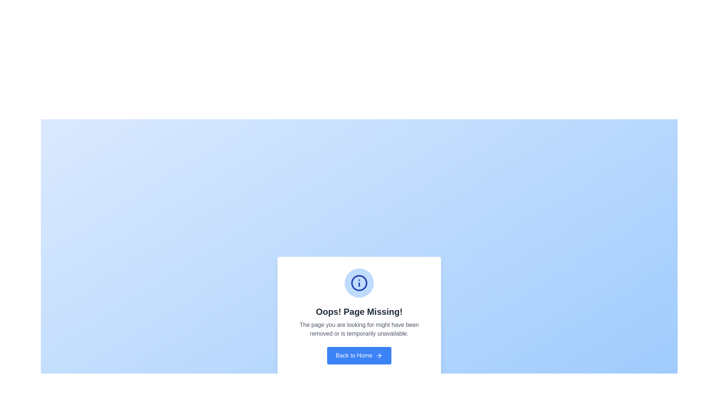 The height and width of the screenshot is (394, 701). I want to click on the centrally positioned Information Panel that informs the user about a missing page and provides navigation back to the home page, so click(359, 316).